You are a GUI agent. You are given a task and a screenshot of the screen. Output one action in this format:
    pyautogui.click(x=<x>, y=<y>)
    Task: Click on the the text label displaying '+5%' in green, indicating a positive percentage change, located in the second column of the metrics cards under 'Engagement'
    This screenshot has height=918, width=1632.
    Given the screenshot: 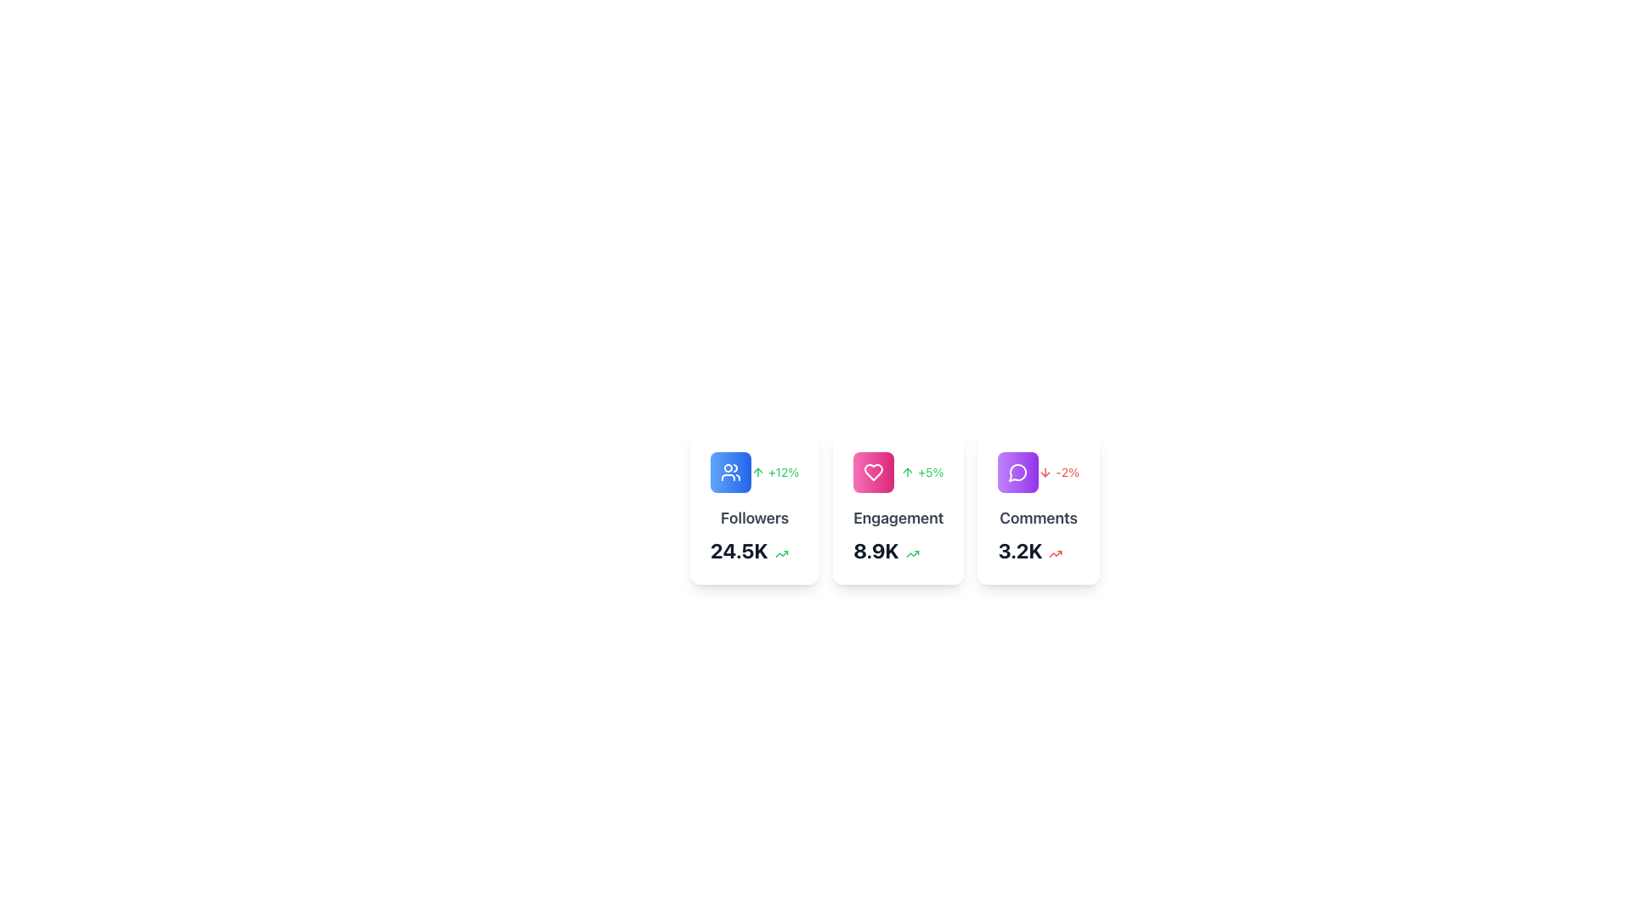 What is the action you would take?
    pyautogui.click(x=930, y=472)
    